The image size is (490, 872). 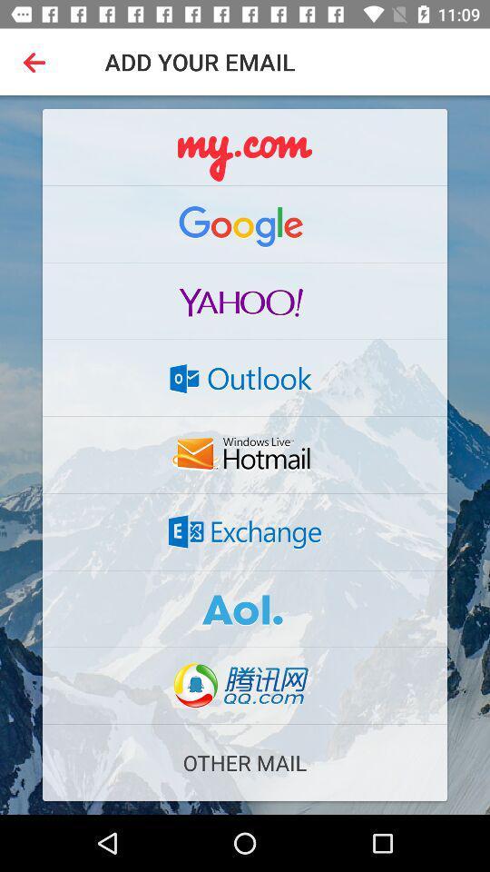 I want to click on aol, so click(x=245, y=609).